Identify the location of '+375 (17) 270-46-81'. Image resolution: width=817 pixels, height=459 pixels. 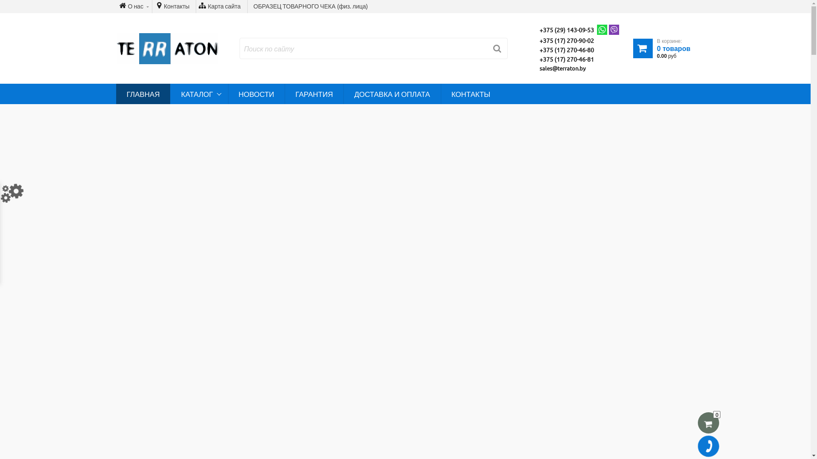
(568, 58).